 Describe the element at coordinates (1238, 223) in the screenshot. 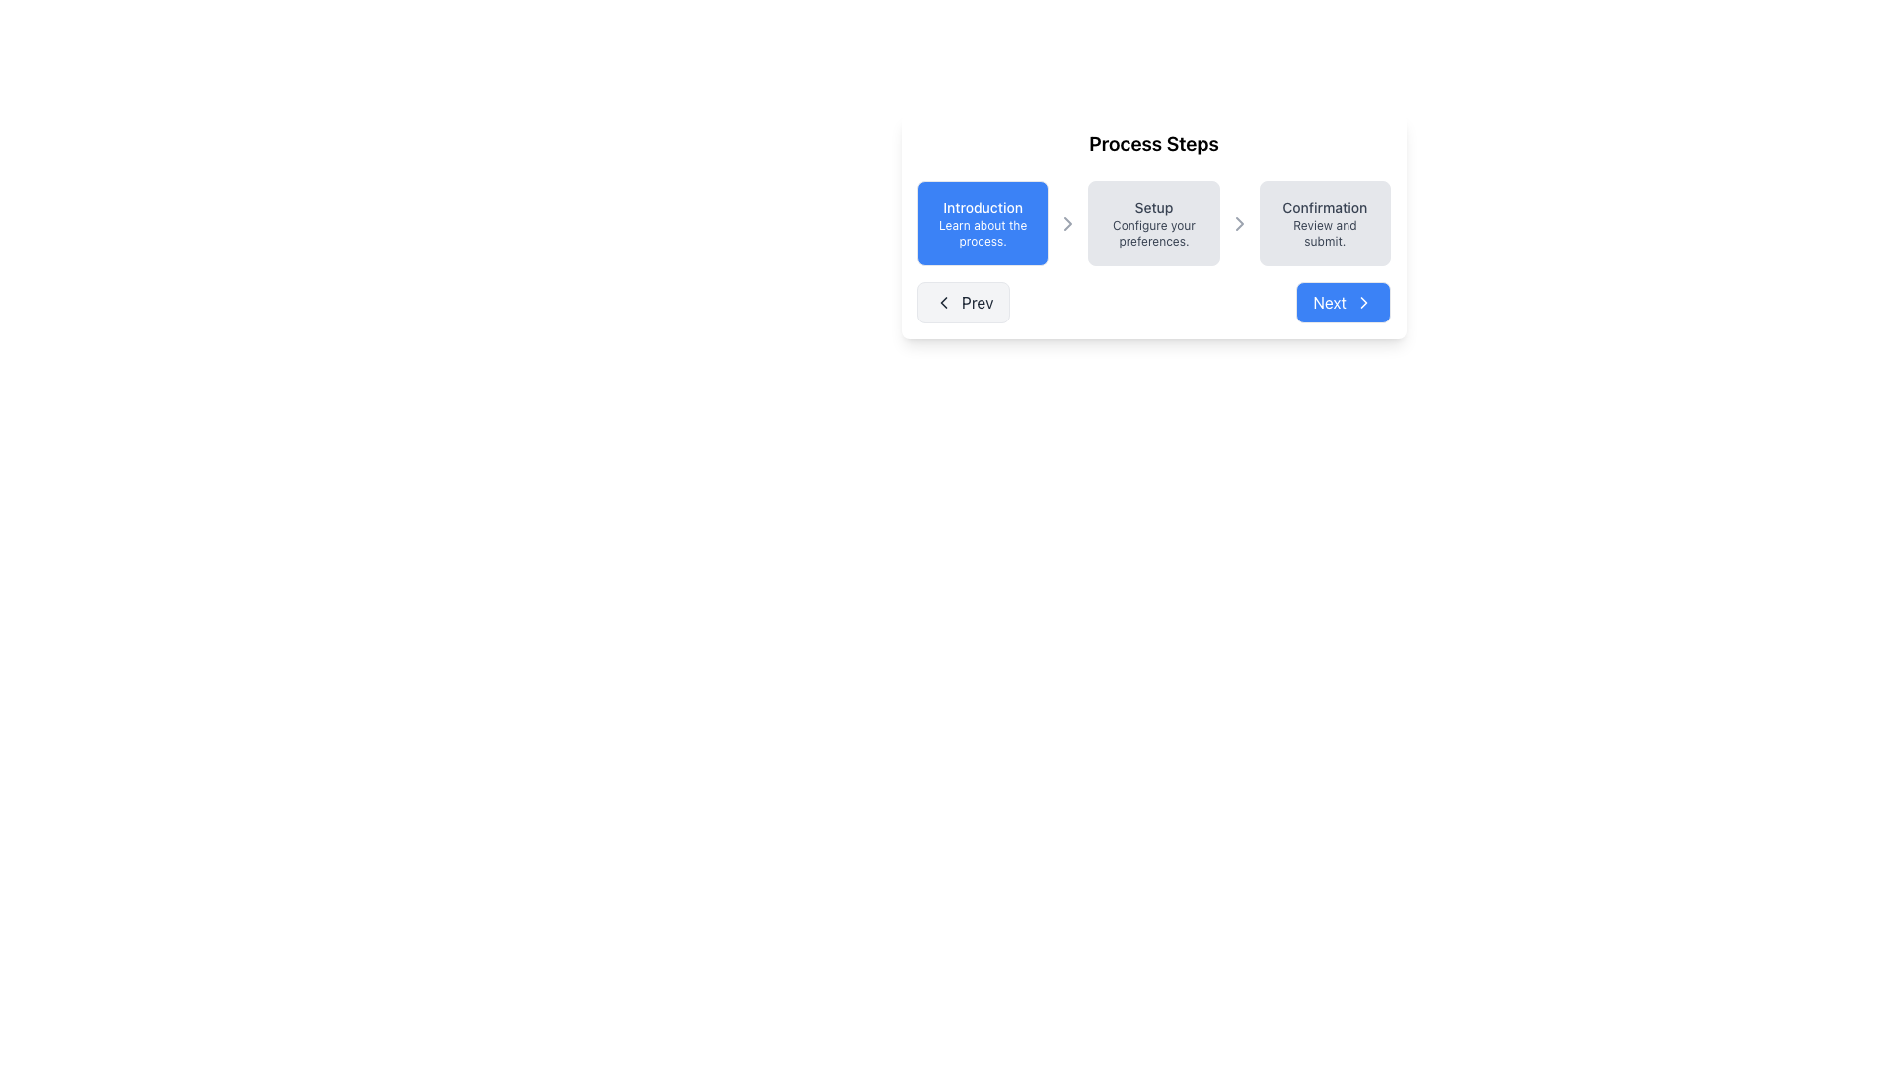

I see `the progression icon located between the 'Setup' and 'Confirmation' sections of the navigation widget to move to the next step in the multi-step process` at that location.